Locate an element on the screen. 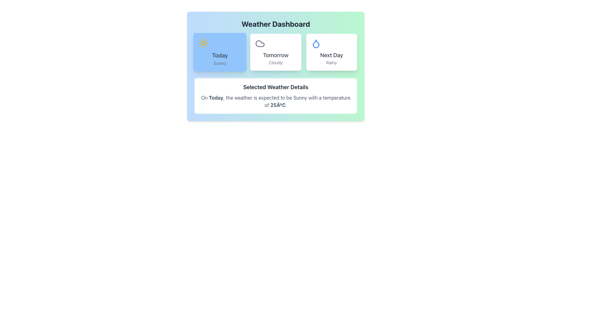  the label or title text for the 'Today' card, which identifies the card's context in the Weather Dashboard is located at coordinates (220, 55).